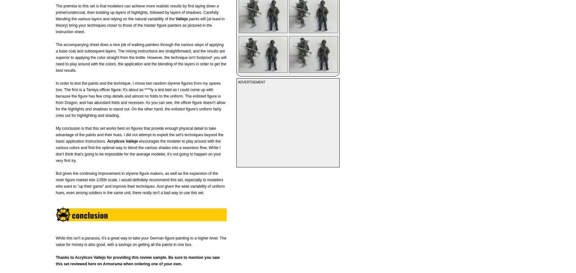 This screenshot has width=576, height=273. Describe the element at coordinates (89, 214) in the screenshot. I see `'conclusion'` at that location.